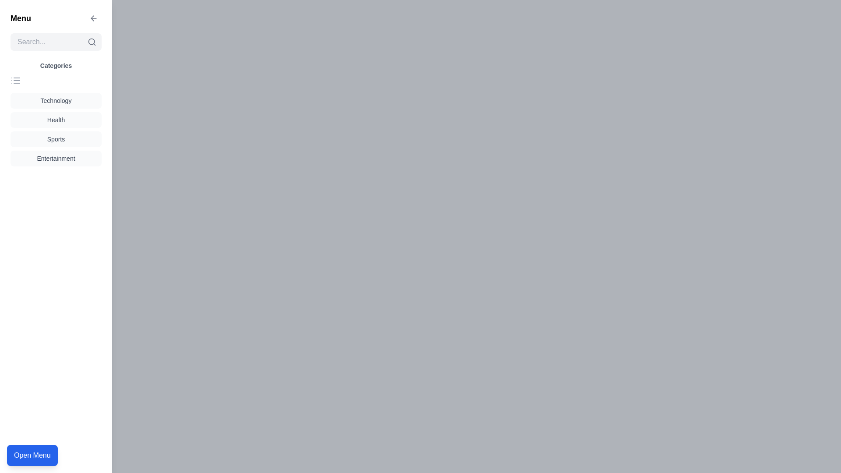  What do you see at coordinates (94, 18) in the screenshot?
I see `the navigation arrow icon located in the top-right corner of the left panel, adjacent to the 'Menu' header` at bounding box center [94, 18].